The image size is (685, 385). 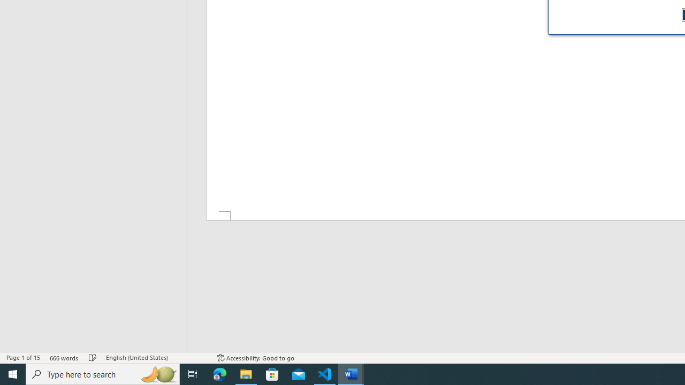 What do you see at coordinates (219, 373) in the screenshot?
I see `'Microsoft Edge'` at bounding box center [219, 373].